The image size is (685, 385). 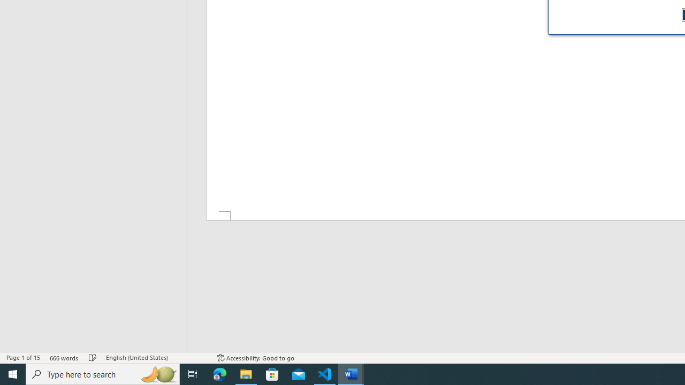 What do you see at coordinates (219, 373) in the screenshot?
I see `'Microsoft Edge'` at bounding box center [219, 373].